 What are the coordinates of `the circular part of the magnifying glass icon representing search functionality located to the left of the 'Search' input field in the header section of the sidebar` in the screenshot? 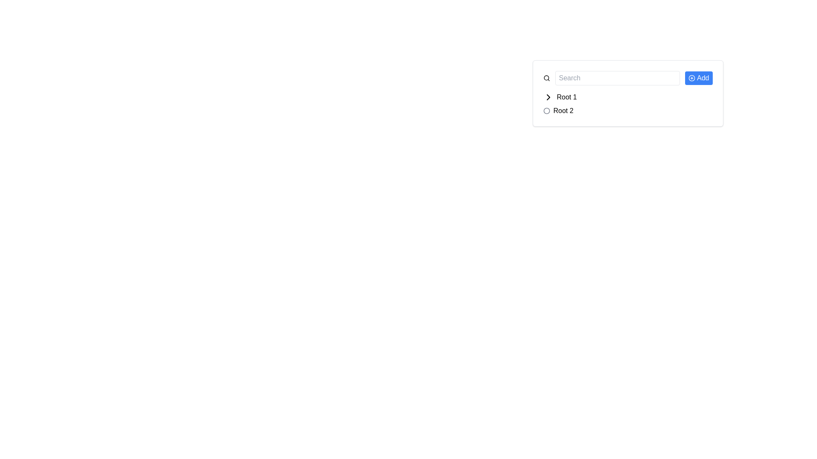 It's located at (546, 78).